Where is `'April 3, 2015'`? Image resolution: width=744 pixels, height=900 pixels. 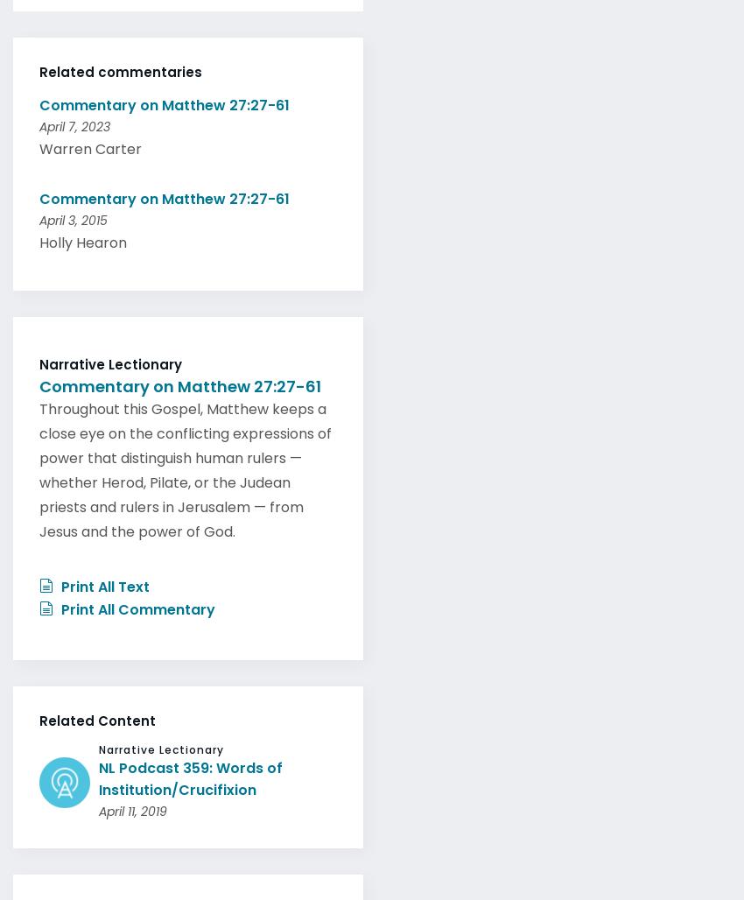 'April 3, 2015' is located at coordinates (73, 214).